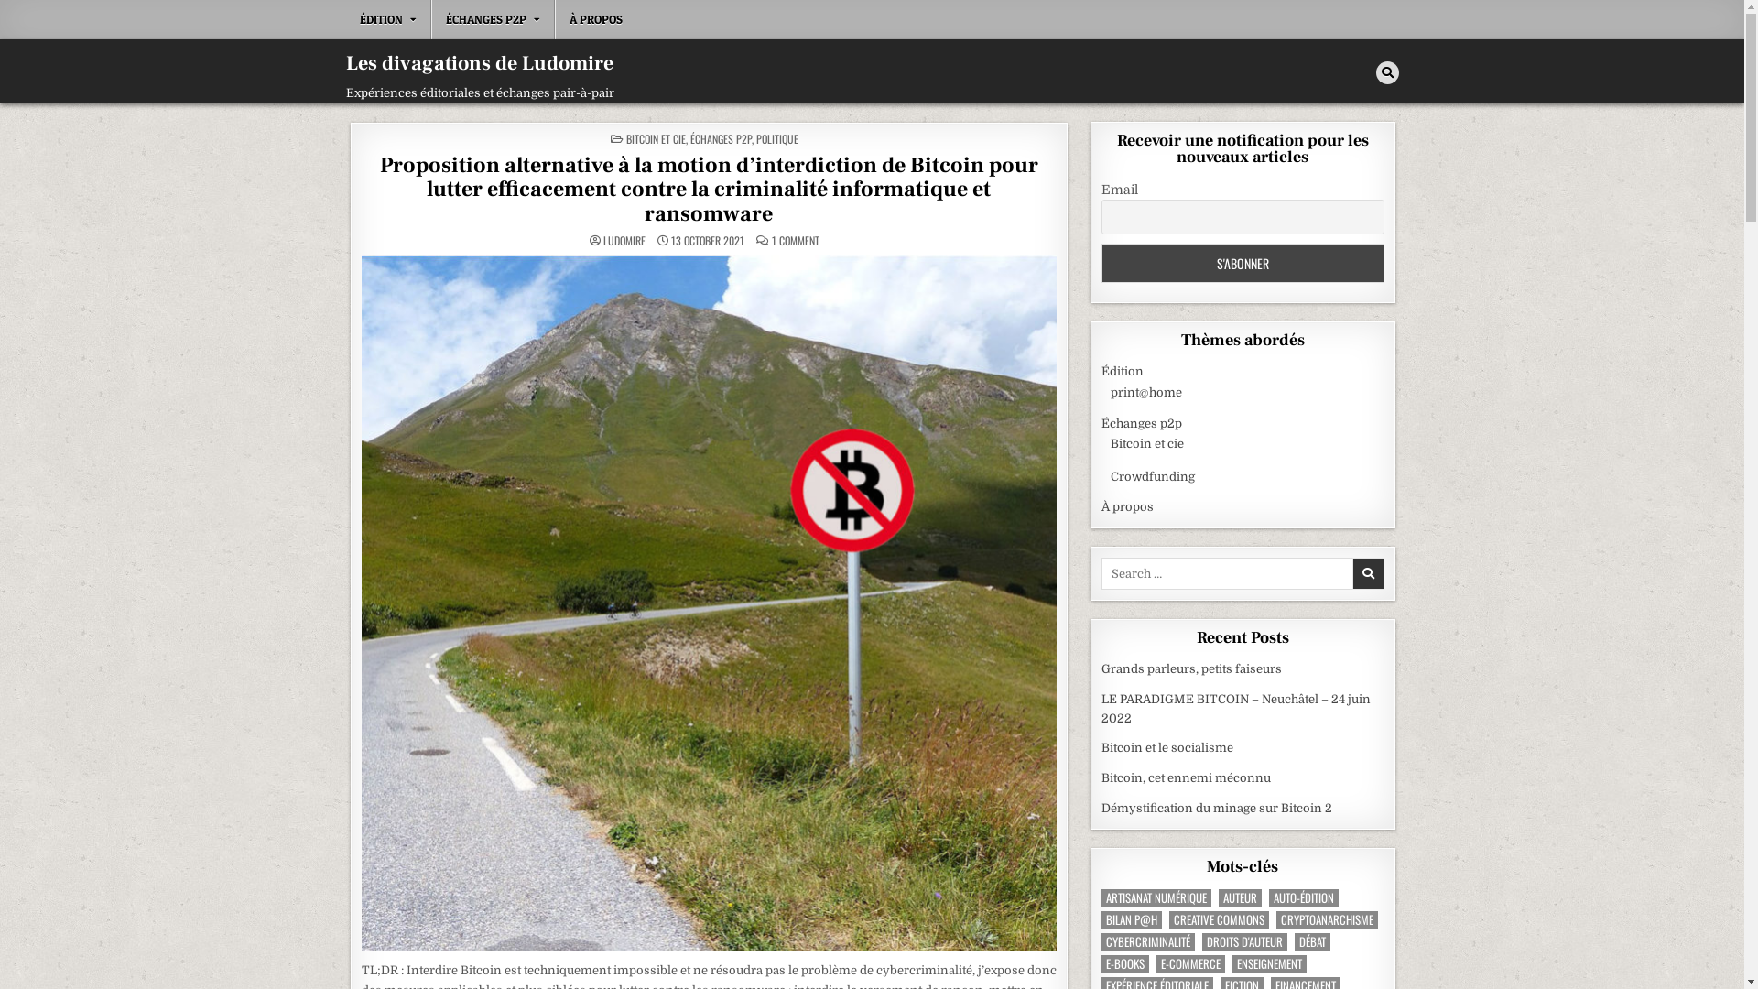  I want to click on 'ENSEIGNEMENT', so click(1232, 962).